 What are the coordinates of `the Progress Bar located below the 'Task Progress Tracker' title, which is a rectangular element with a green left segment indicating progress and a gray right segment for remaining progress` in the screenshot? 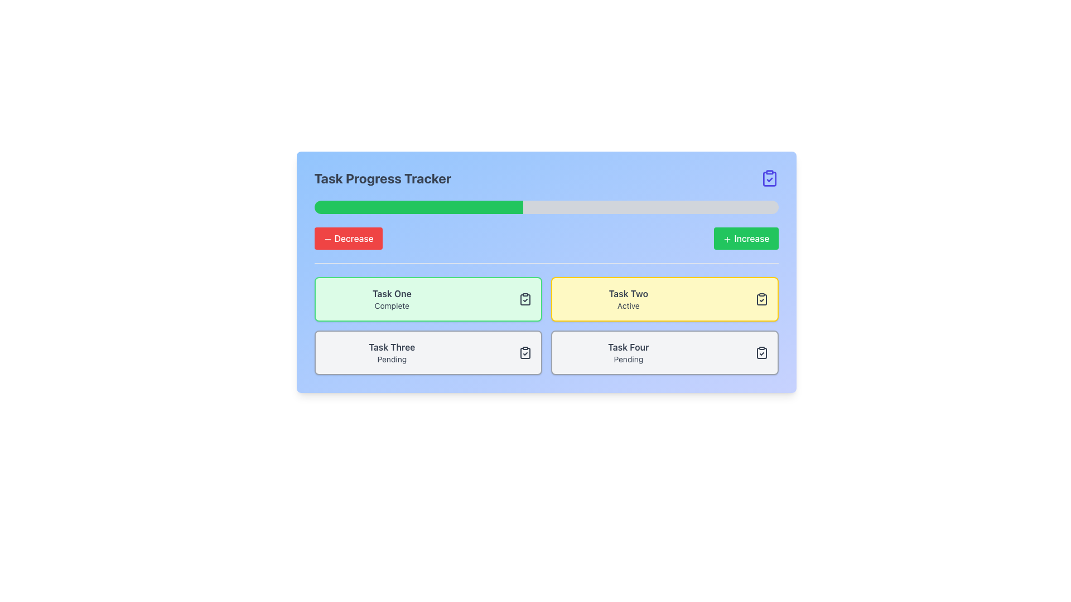 It's located at (546, 207).